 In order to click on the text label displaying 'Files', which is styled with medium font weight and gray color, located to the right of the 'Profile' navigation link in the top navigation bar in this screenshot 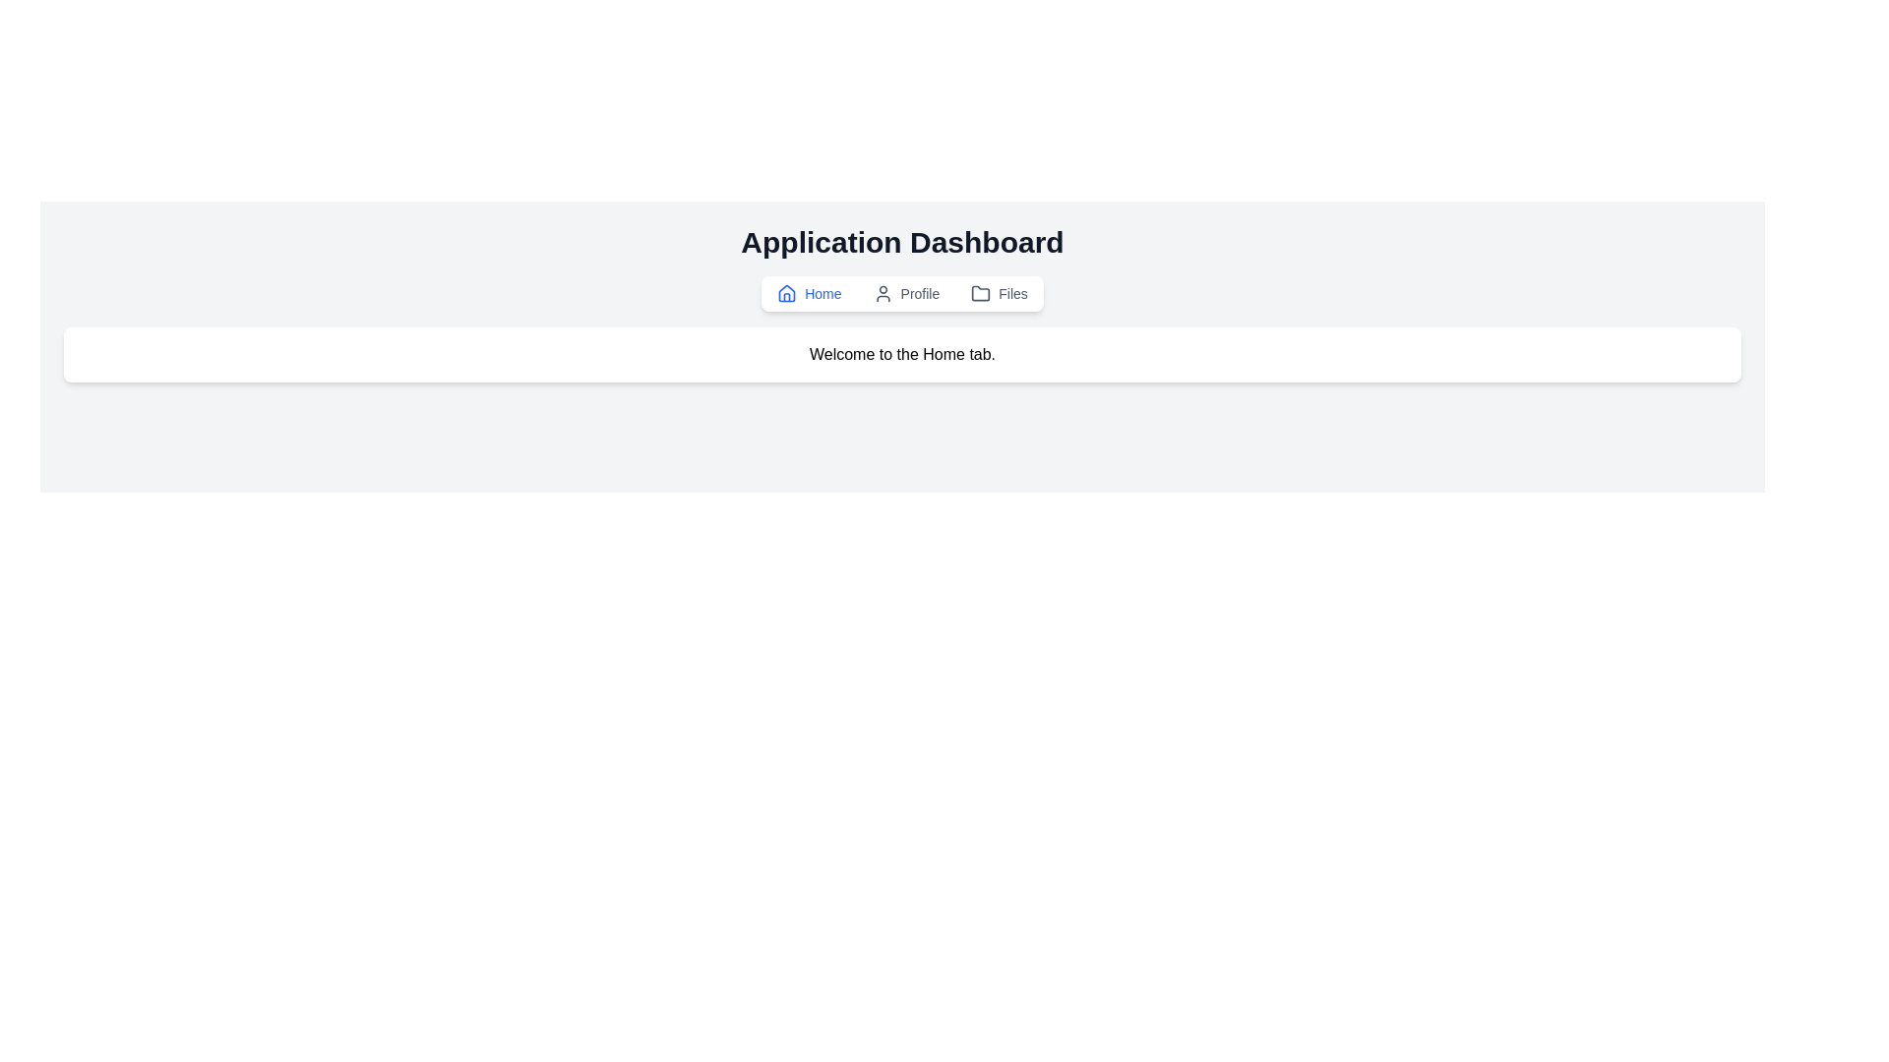, I will do `click(1013, 294)`.